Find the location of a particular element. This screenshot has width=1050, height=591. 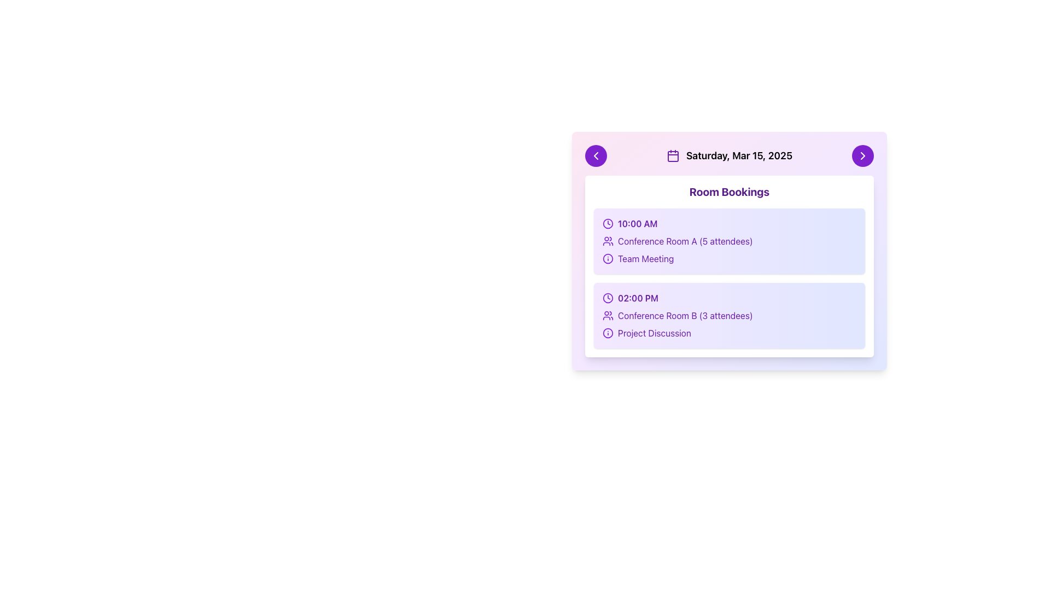

the icon representing the number of attendees for Conference Room A, which is located to the left of the text indicating the room's capacity is located at coordinates (608, 240).